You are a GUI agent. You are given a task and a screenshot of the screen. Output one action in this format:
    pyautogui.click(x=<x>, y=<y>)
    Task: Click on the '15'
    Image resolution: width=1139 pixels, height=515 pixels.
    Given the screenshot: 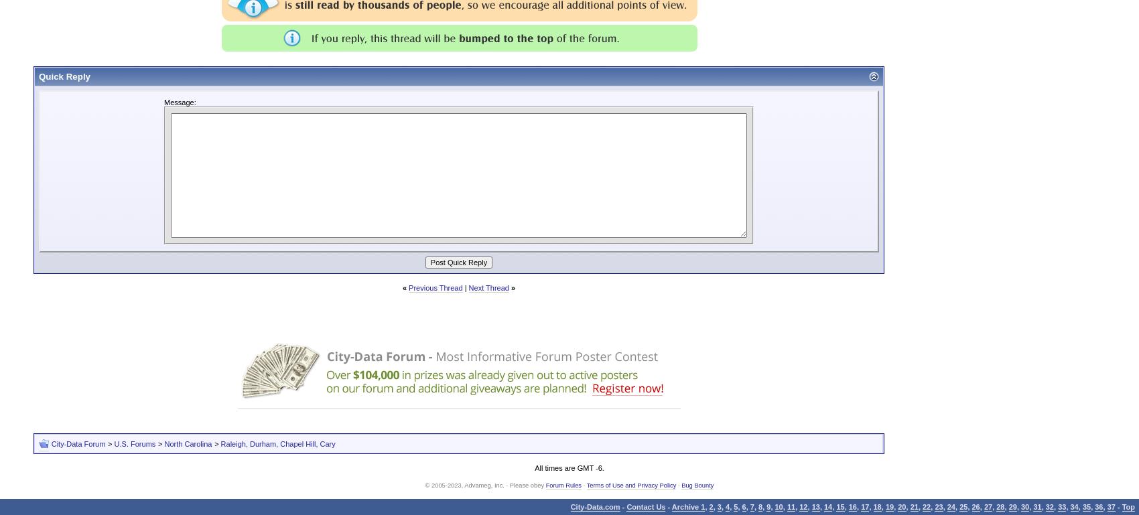 What is the action you would take?
    pyautogui.click(x=835, y=506)
    